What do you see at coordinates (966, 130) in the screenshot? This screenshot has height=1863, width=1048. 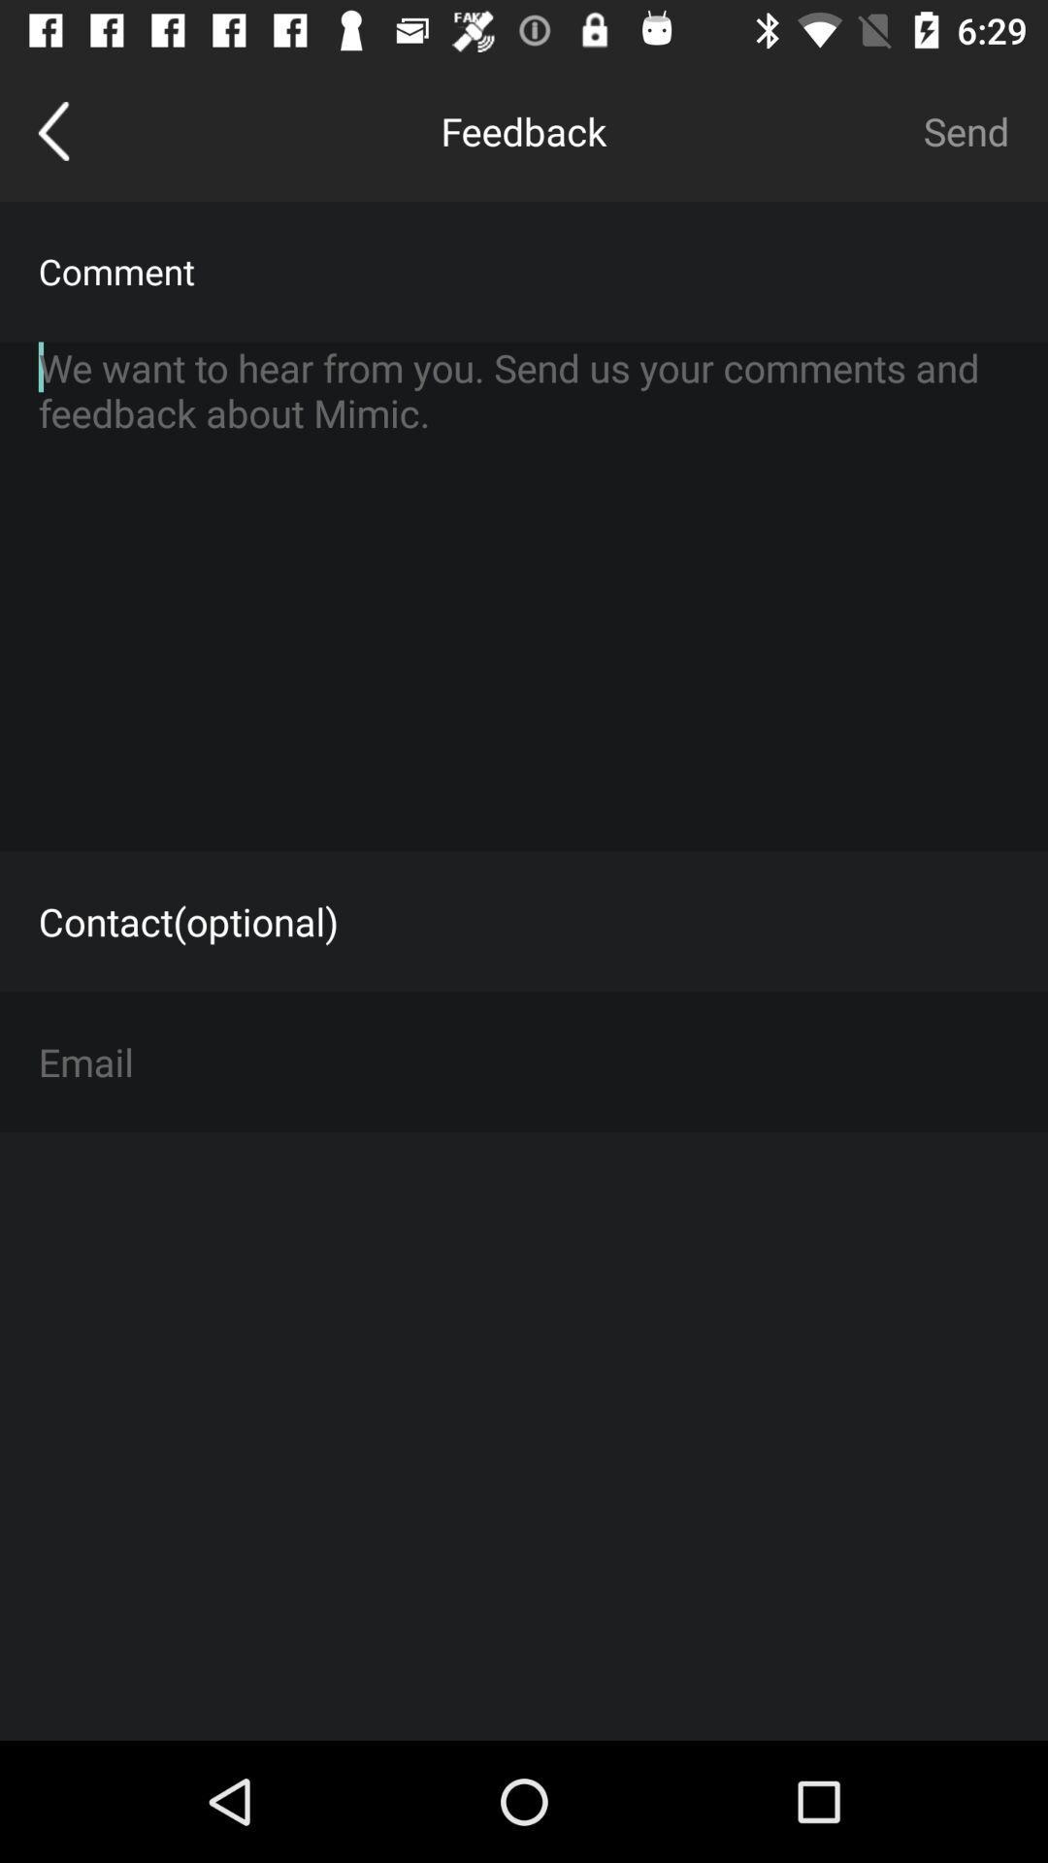 I see `send icon` at bounding box center [966, 130].